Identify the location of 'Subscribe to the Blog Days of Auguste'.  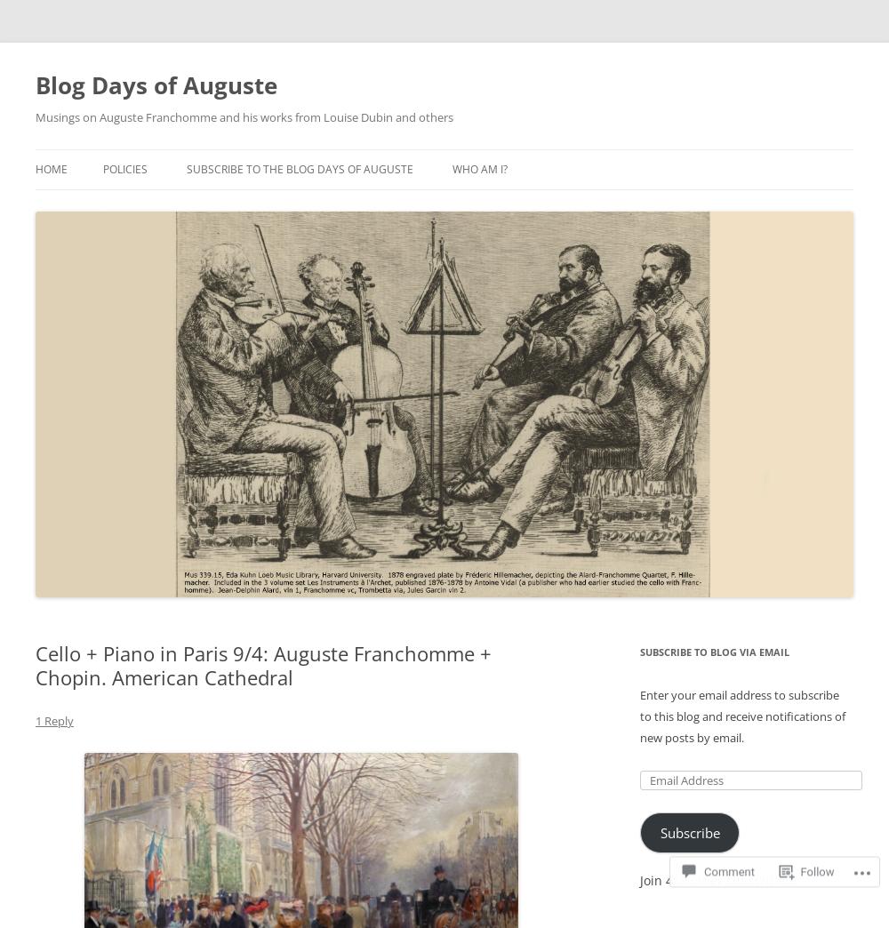
(299, 168).